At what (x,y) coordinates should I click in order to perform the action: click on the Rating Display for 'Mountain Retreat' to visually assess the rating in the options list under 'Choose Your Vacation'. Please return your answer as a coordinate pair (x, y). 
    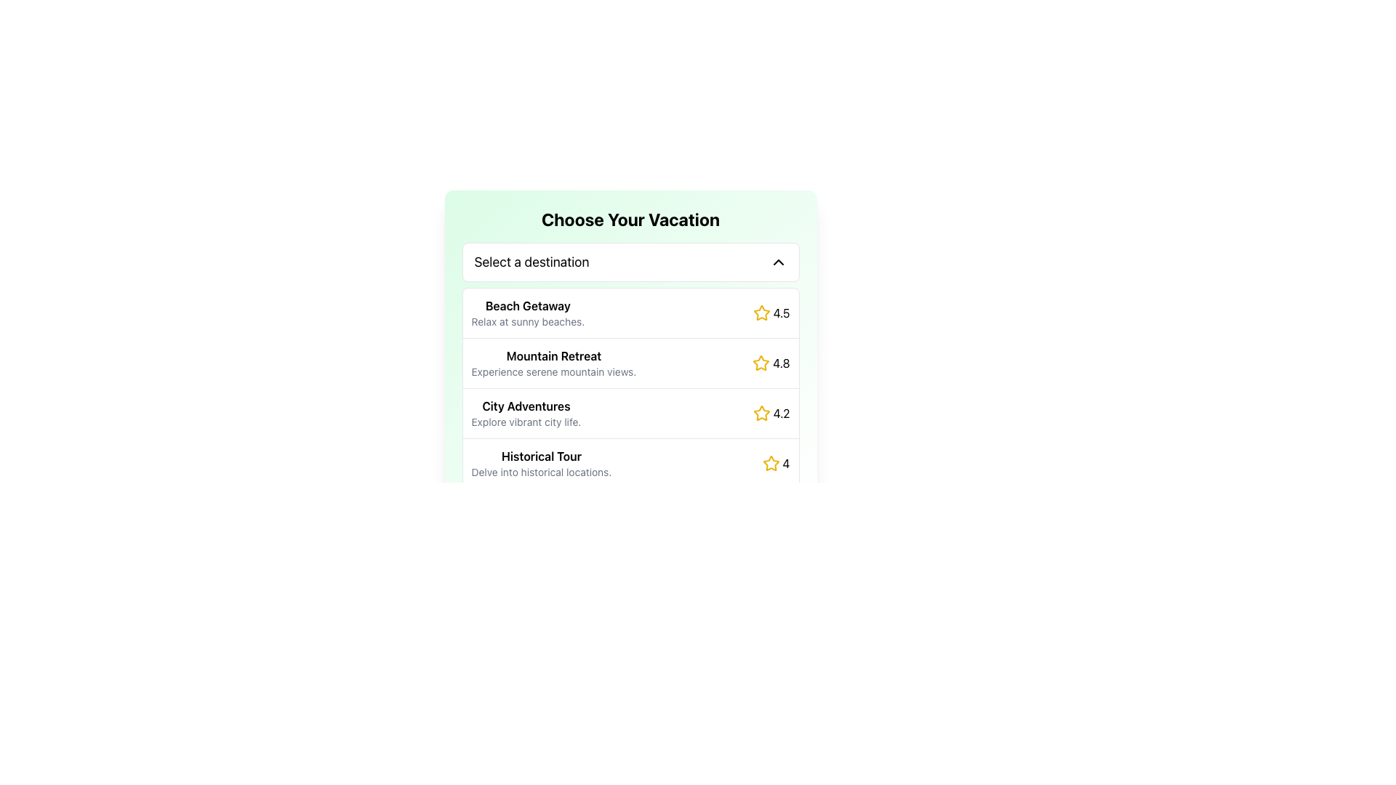
    Looking at the image, I should click on (770, 363).